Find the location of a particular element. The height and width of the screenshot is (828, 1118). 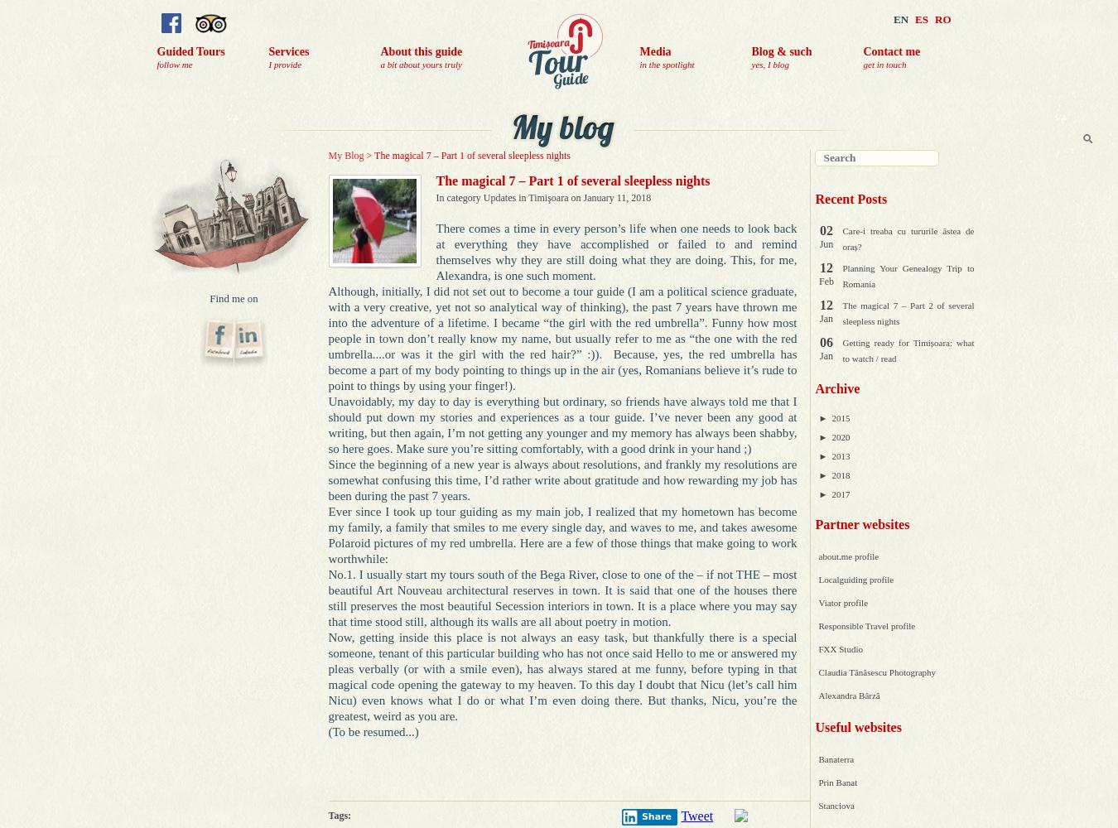

'Blog & such' is located at coordinates (750, 51).